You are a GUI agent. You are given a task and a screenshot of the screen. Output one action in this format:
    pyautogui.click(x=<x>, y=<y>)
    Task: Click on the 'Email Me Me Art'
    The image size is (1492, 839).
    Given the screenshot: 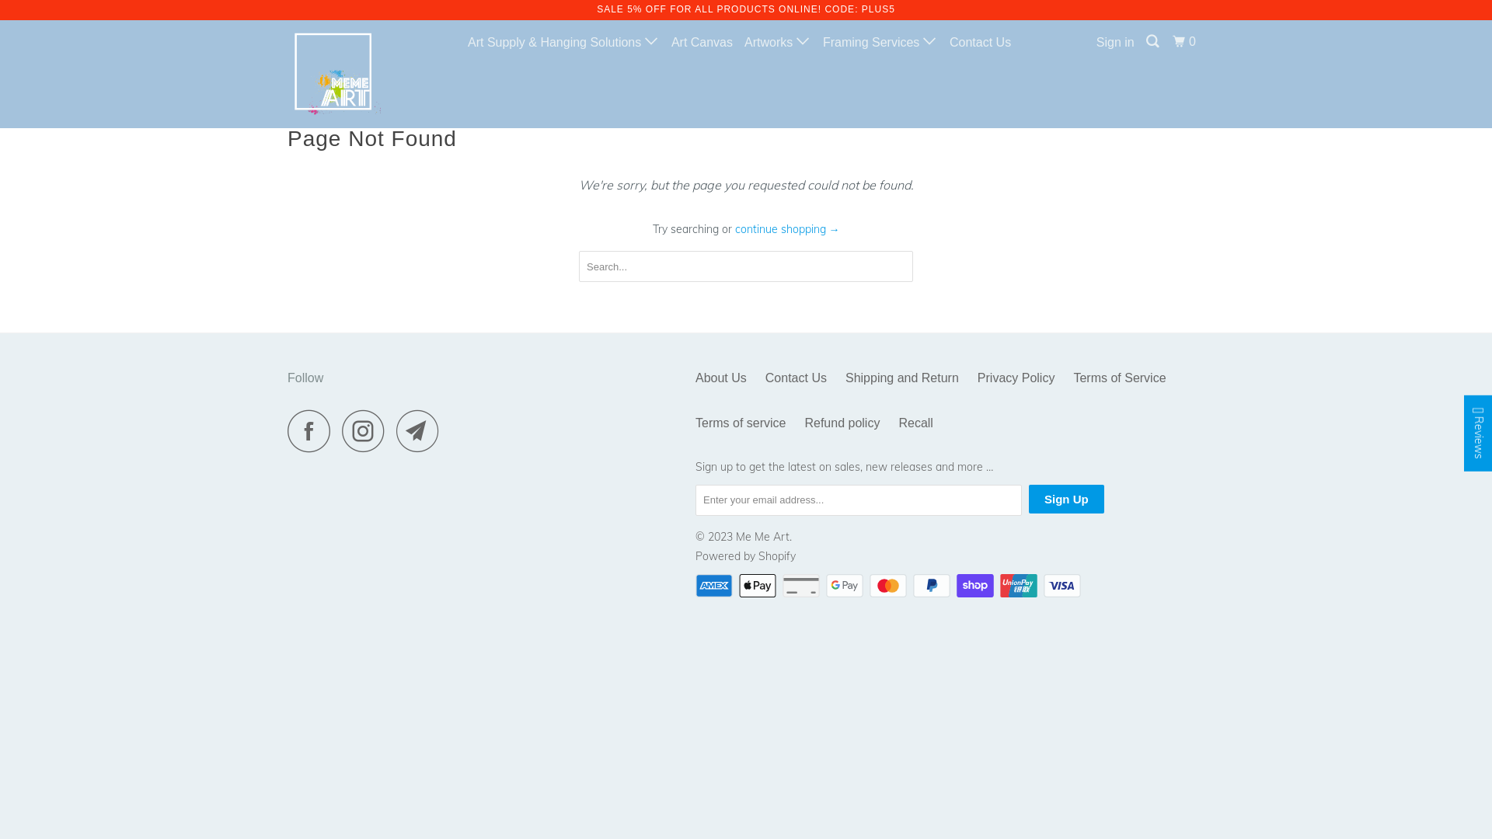 What is the action you would take?
    pyautogui.click(x=421, y=430)
    